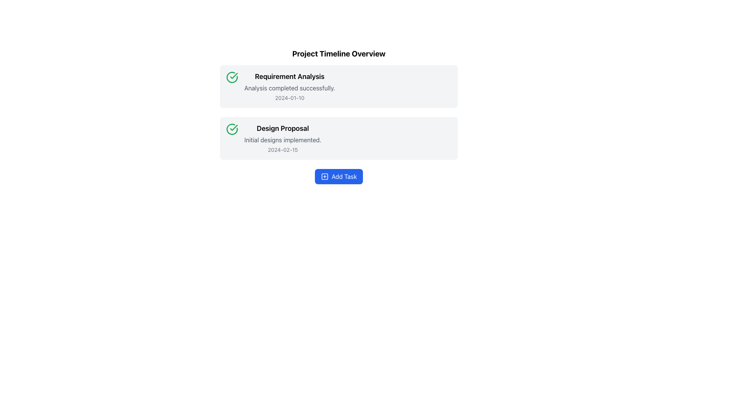 The height and width of the screenshot is (412, 732). What do you see at coordinates (232, 77) in the screenshot?
I see `completion icon located to the left of the 'Requirement Analysis' title in the first task section` at bounding box center [232, 77].